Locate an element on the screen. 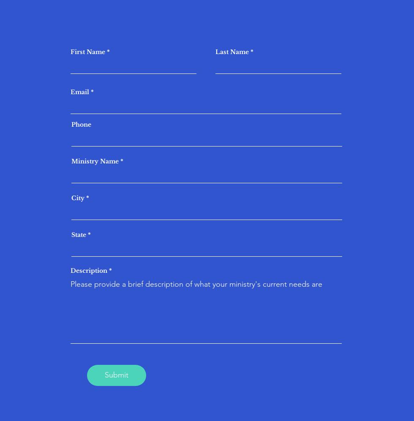 This screenshot has height=421, width=414. 'State' is located at coordinates (79, 234).